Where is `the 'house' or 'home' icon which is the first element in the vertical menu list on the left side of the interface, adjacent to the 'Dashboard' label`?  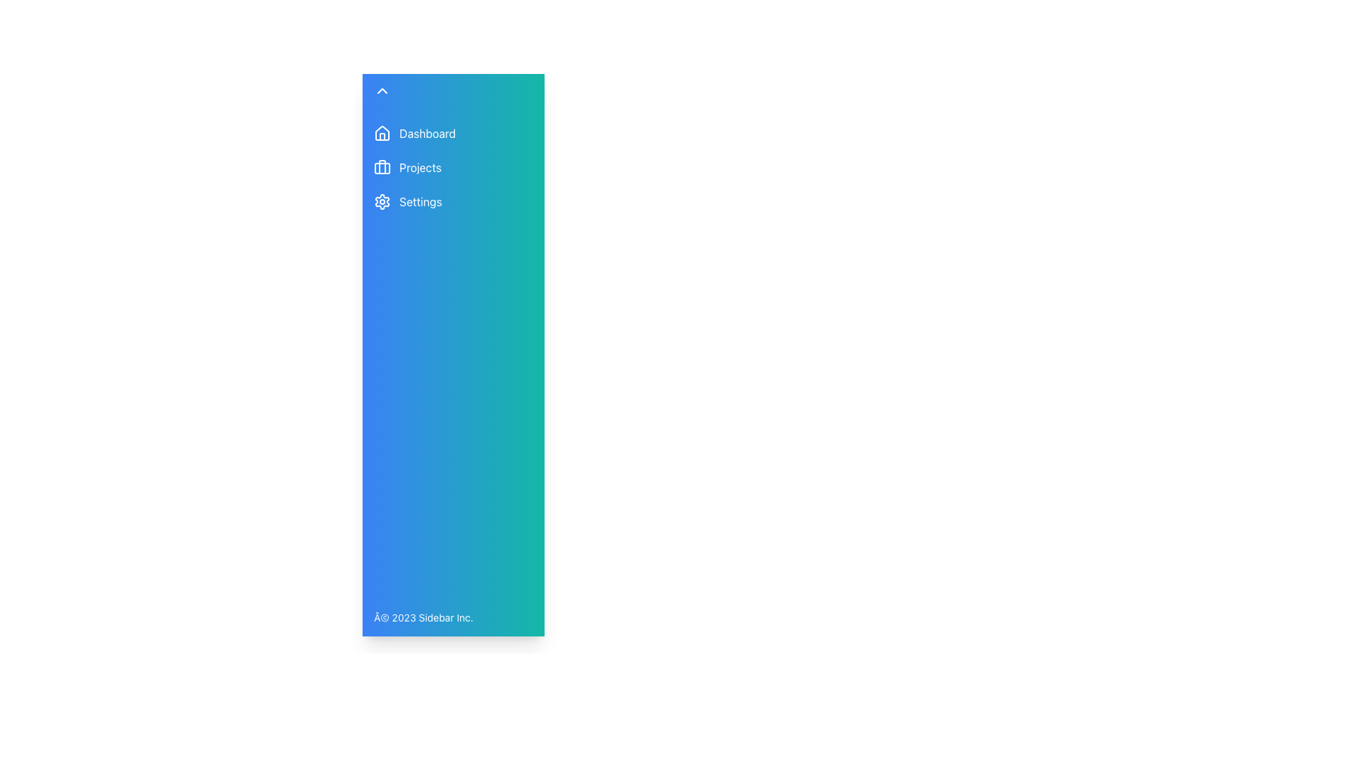 the 'house' or 'home' icon which is the first element in the vertical menu list on the left side of the interface, adjacent to the 'Dashboard' label is located at coordinates (382, 132).